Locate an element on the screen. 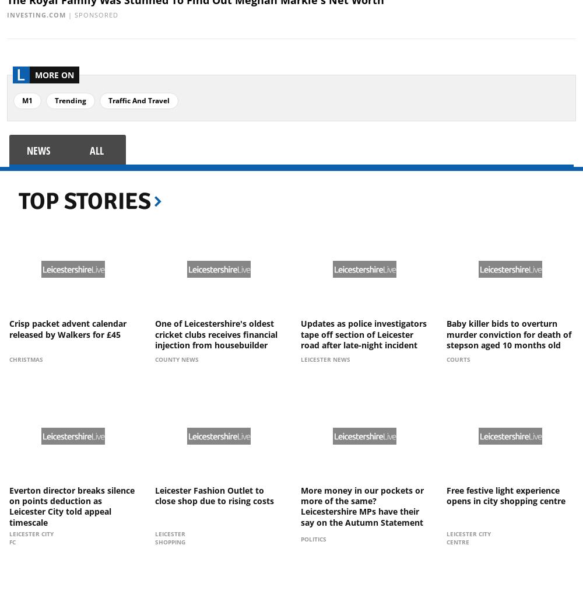  'Christmas' is located at coordinates (9, 358).